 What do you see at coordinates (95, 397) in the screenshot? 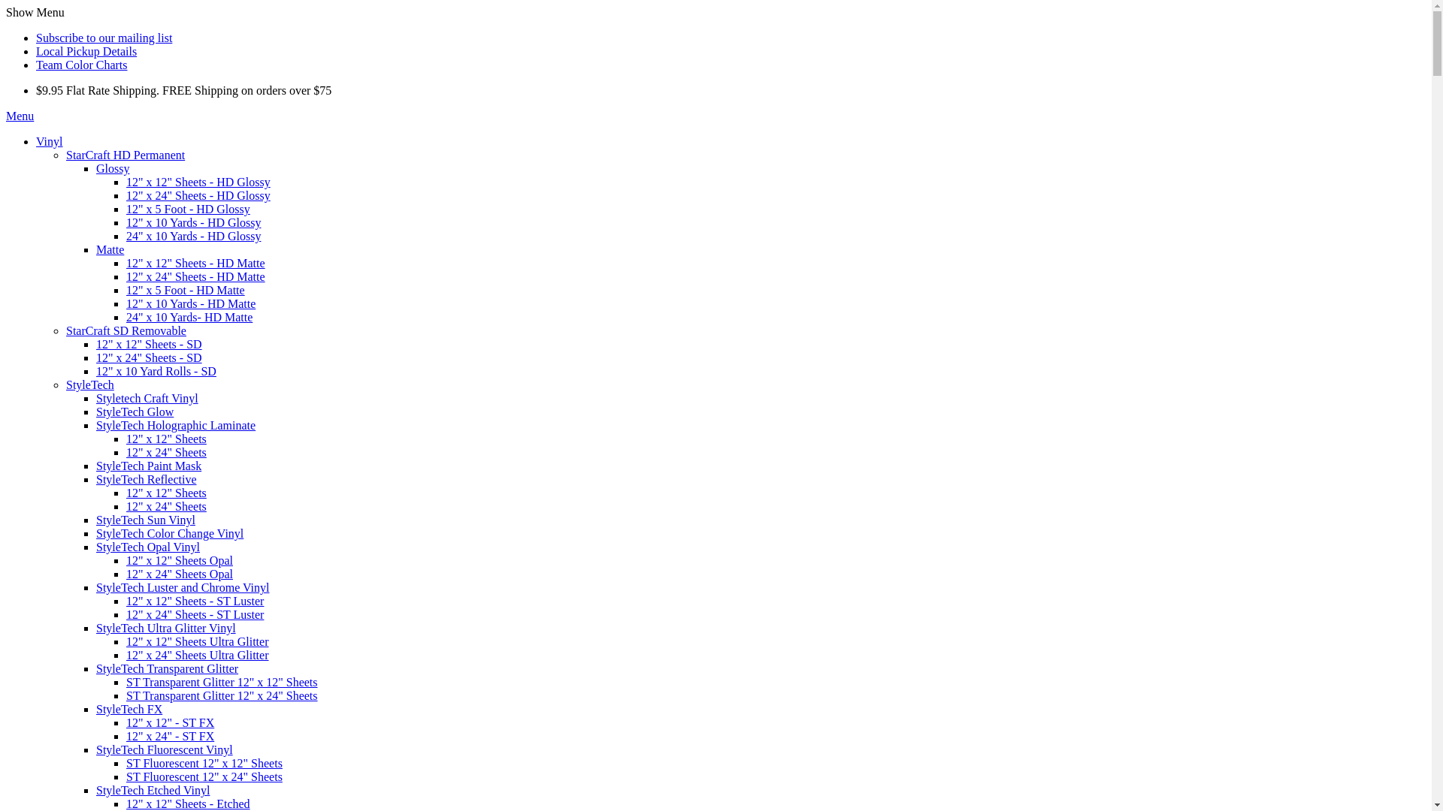
I see `'Styletech Craft Vinyl'` at bounding box center [95, 397].